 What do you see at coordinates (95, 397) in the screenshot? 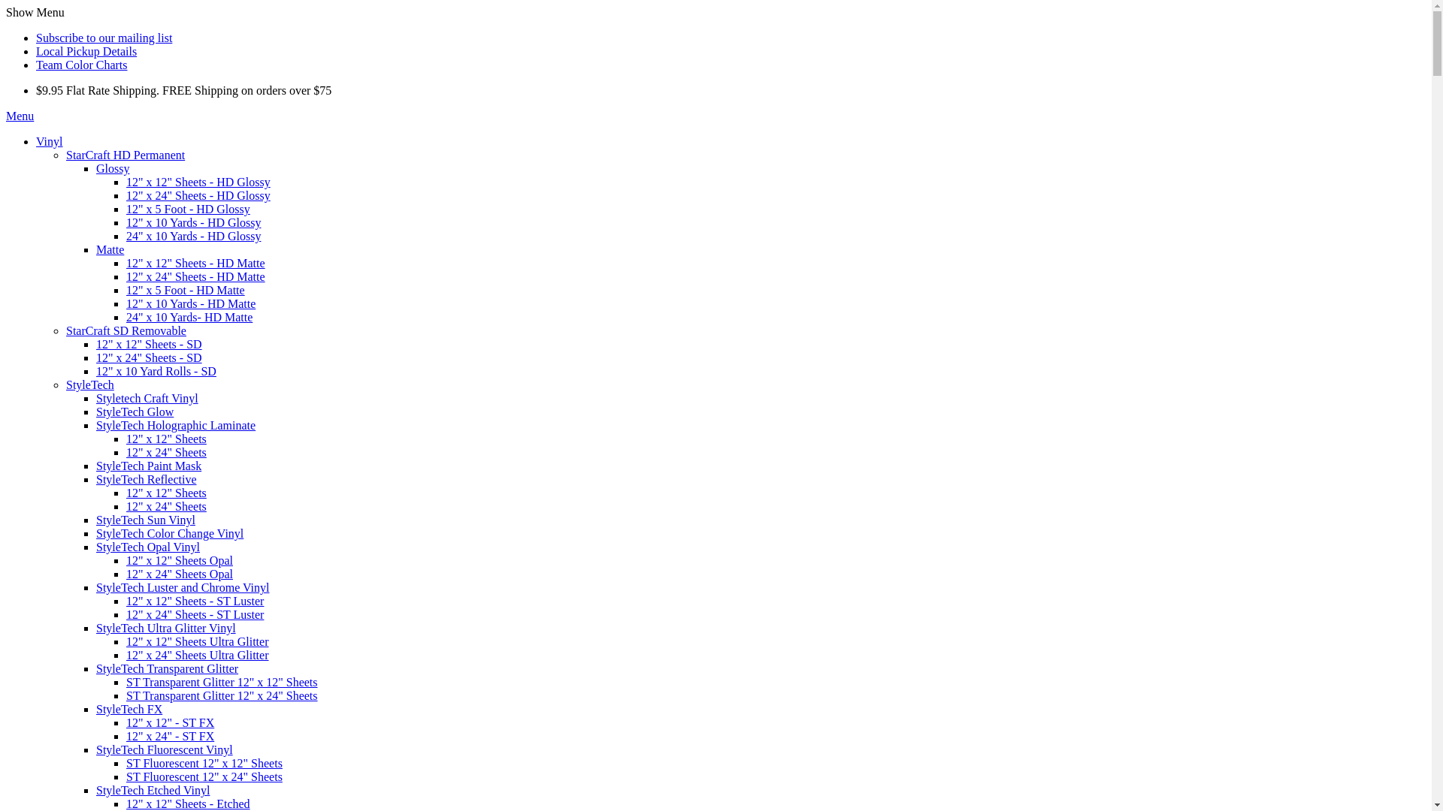
I see `'Styletech Craft Vinyl'` at bounding box center [95, 397].